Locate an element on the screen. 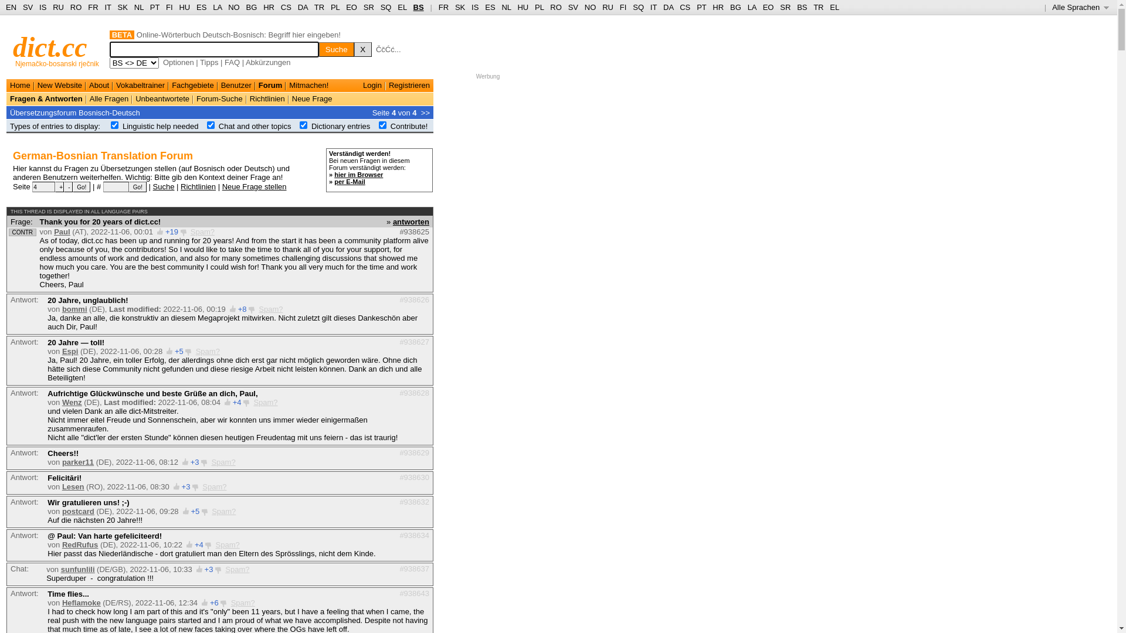 Image resolution: width=1126 pixels, height=633 pixels. 'TR' is located at coordinates (319, 7).